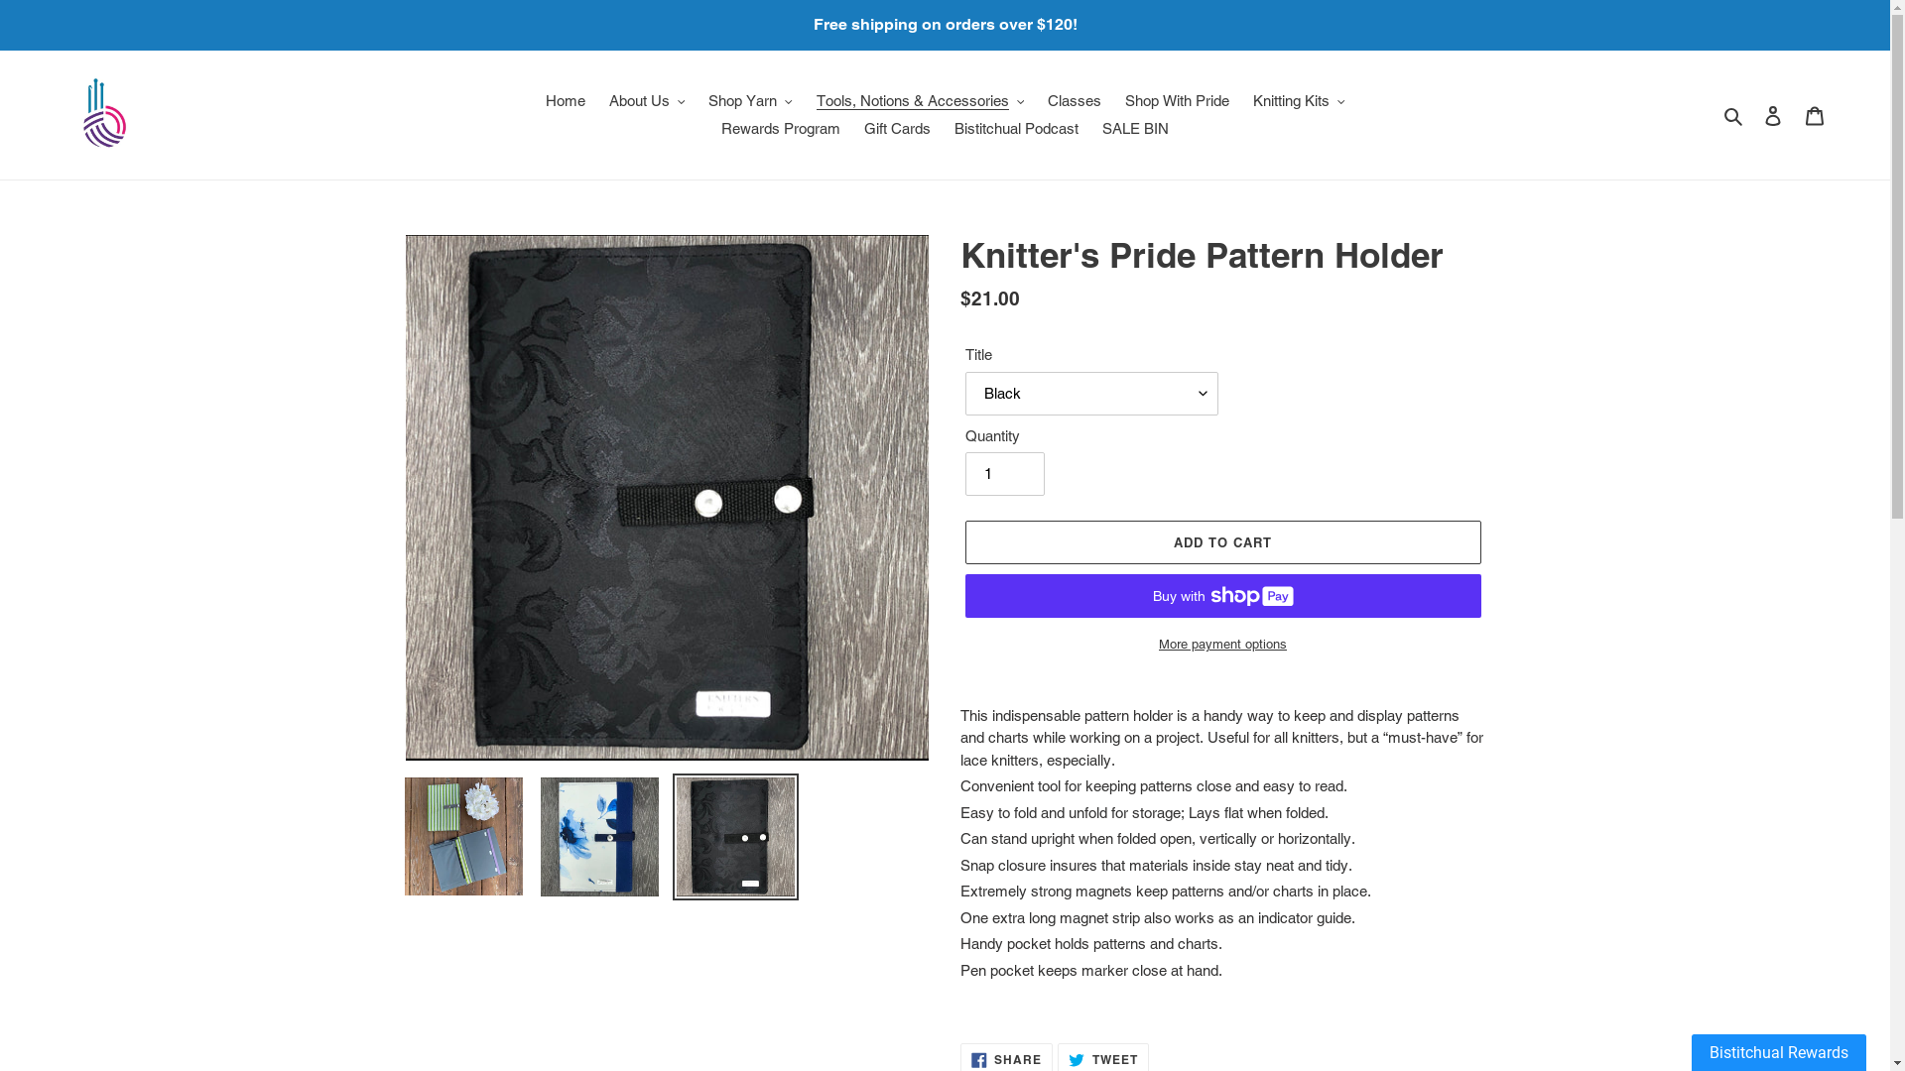 This screenshot has height=1071, width=1905. What do you see at coordinates (918, 101) in the screenshot?
I see `'Tools, Notions & Accessories'` at bounding box center [918, 101].